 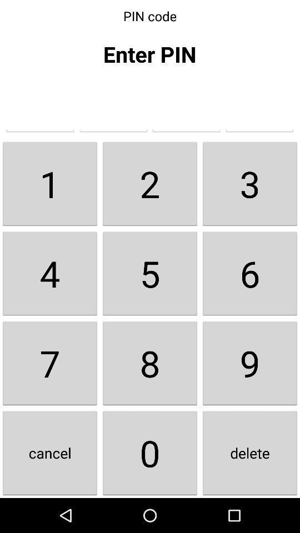 What do you see at coordinates (150, 363) in the screenshot?
I see `the item to the right of the 4 icon` at bounding box center [150, 363].